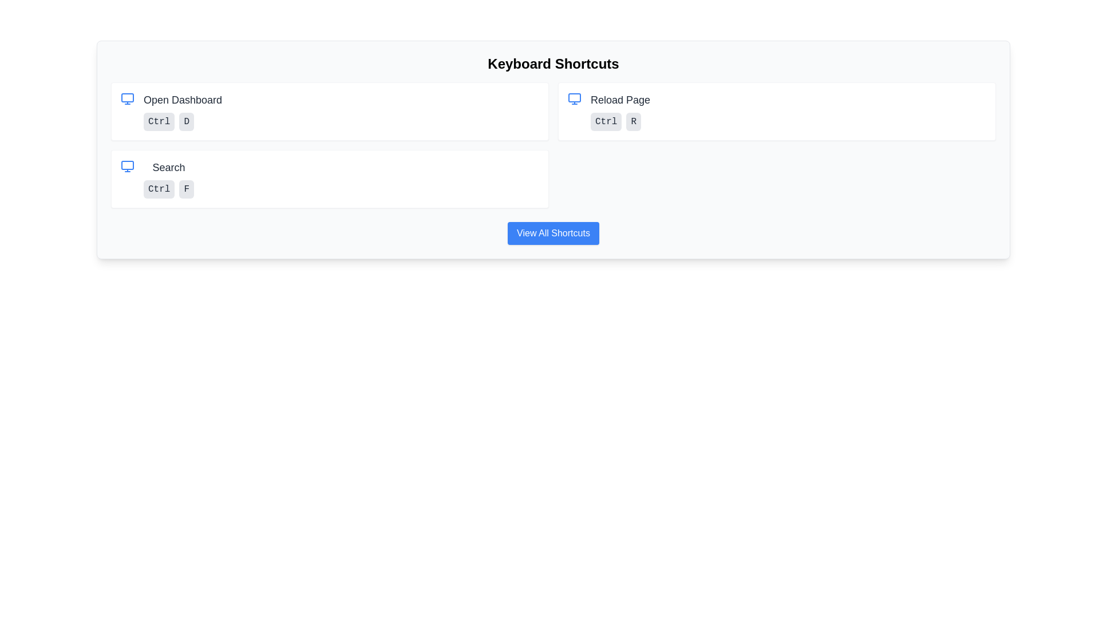  Describe the element at coordinates (187, 121) in the screenshot. I see `the 'D' key button, which is part of the keyboard shortcut for the 'Open Dashboard' action, located to the right of the 'Ctrl' key button` at that location.